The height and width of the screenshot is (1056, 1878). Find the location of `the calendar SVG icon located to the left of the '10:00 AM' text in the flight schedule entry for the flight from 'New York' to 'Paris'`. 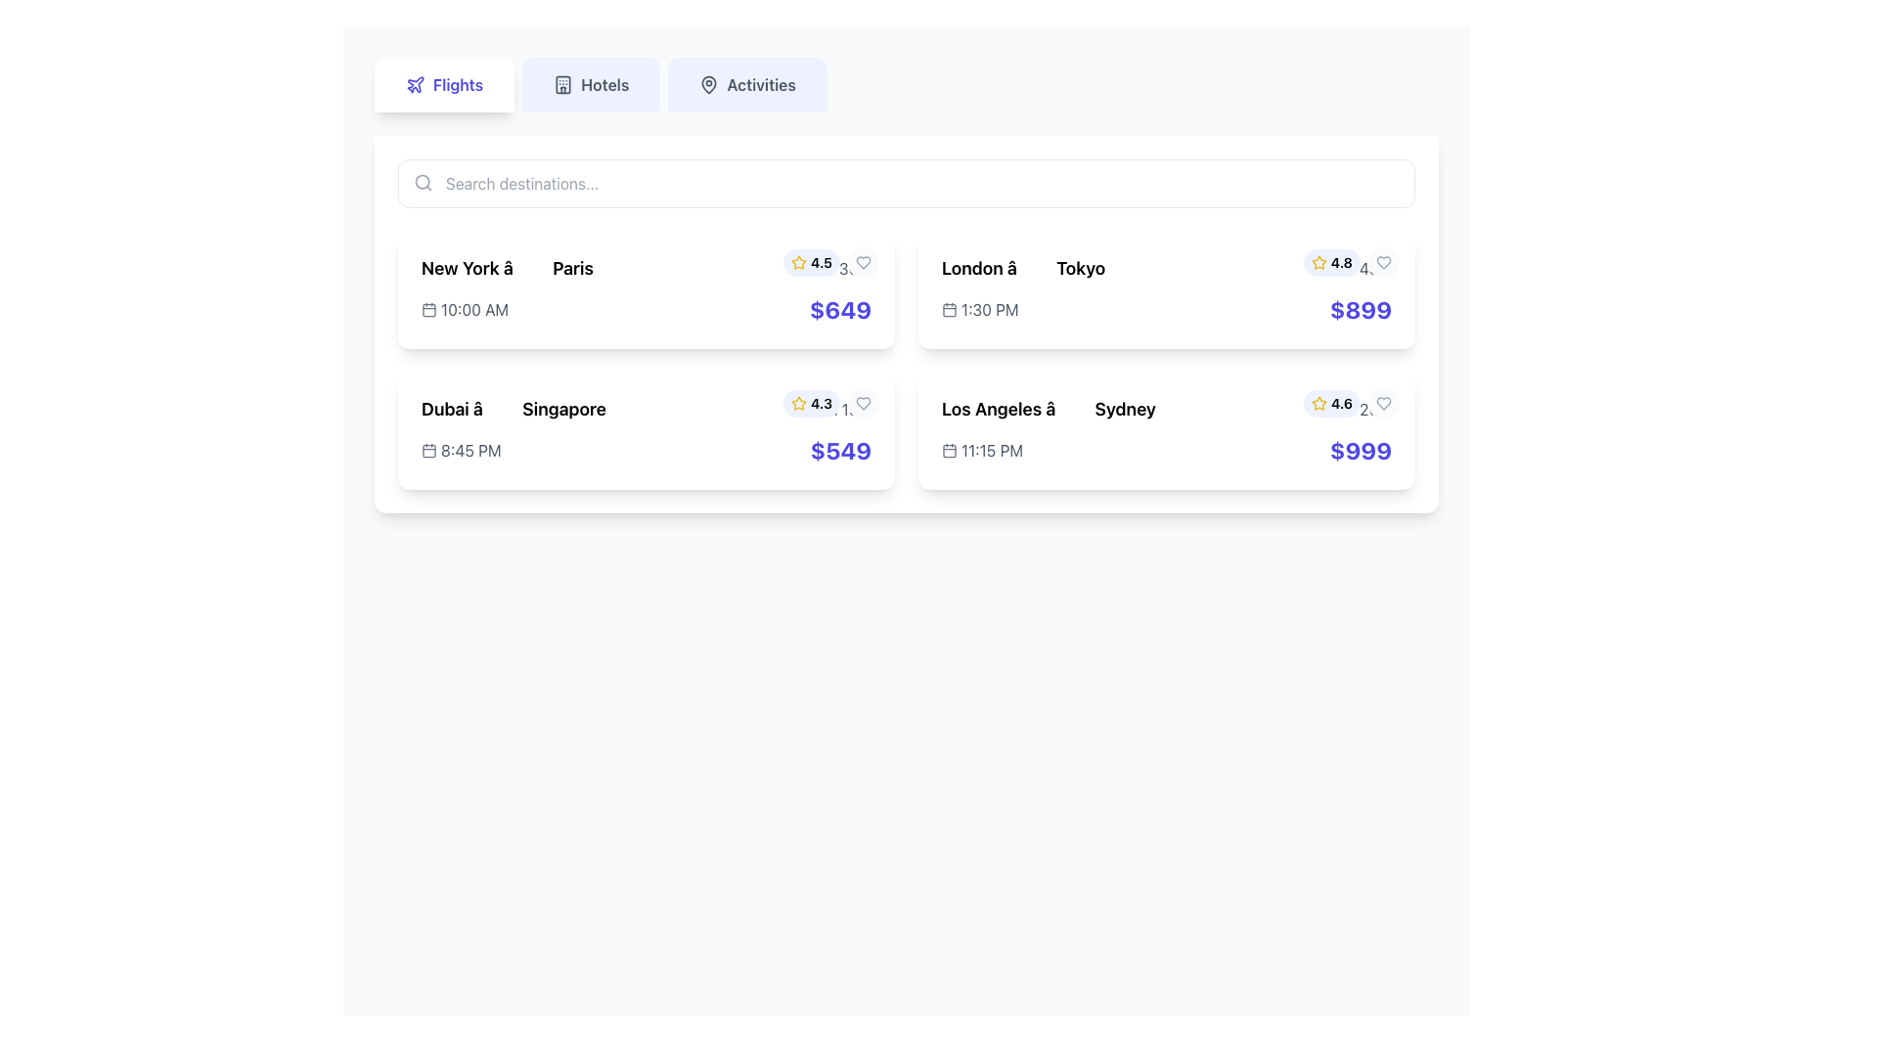

the calendar SVG icon located to the left of the '10:00 AM' text in the flight schedule entry for the flight from 'New York' to 'Paris' is located at coordinates (427, 308).